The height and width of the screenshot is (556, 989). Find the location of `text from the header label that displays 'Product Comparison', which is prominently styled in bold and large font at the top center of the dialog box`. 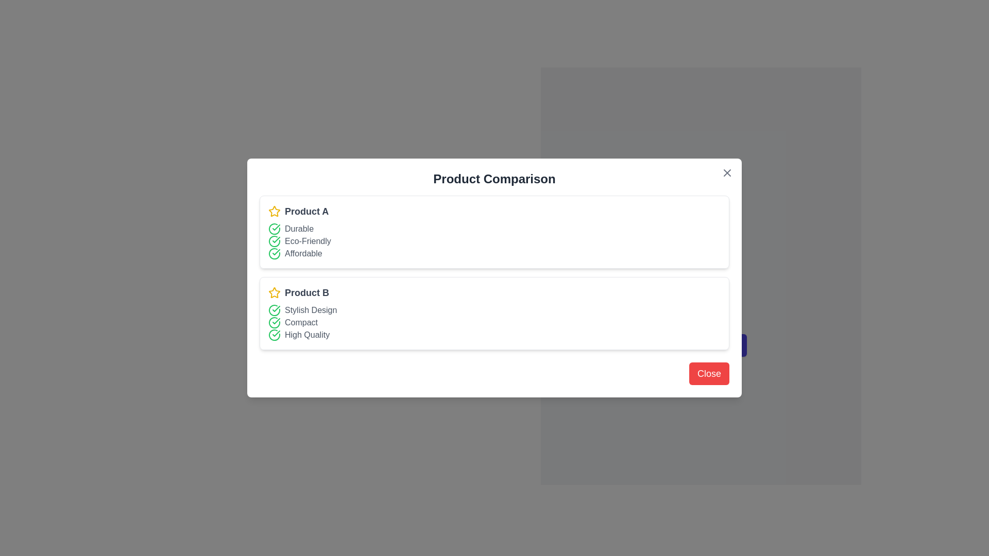

text from the header label that displays 'Product Comparison', which is prominently styled in bold and large font at the top center of the dialog box is located at coordinates (494, 178).